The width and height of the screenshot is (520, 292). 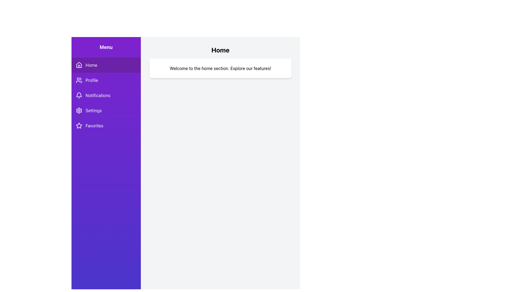 What do you see at coordinates (79, 94) in the screenshot?
I see `the bell icon representing notifications located in the left navigation bar, adjacent to the 'Notifications' text` at bounding box center [79, 94].